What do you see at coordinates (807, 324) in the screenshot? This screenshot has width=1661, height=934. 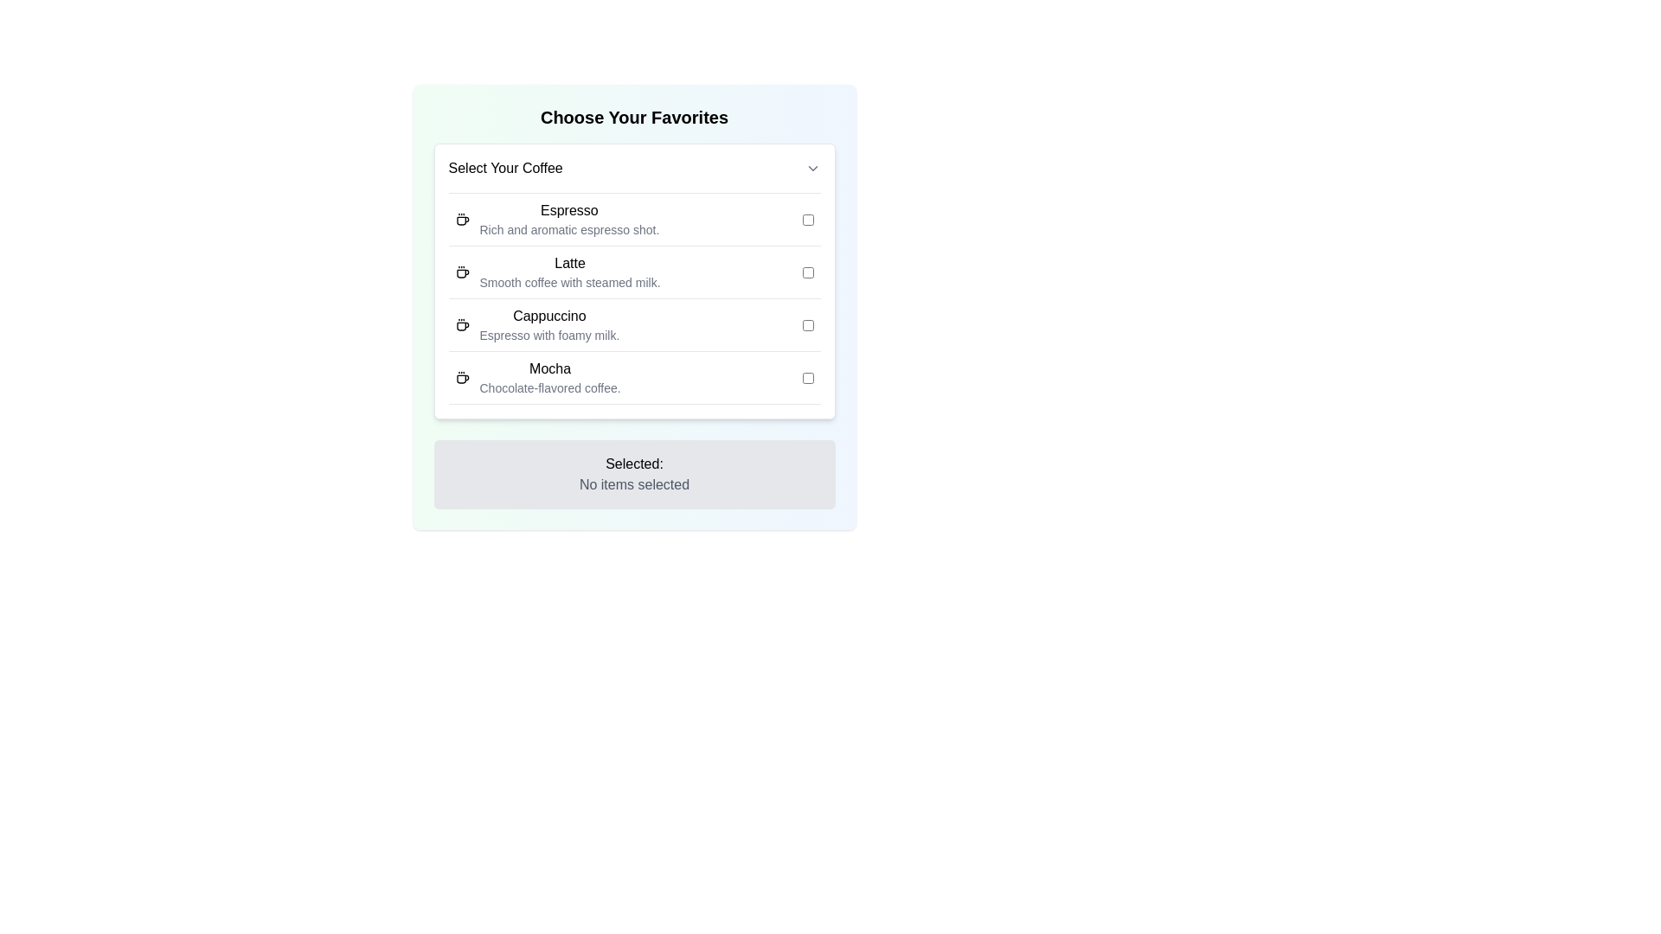 I see `the checkbox located to the right of the text 'Cappuccino Espresso with foamy milk.'` at bounding box center [807, 324].